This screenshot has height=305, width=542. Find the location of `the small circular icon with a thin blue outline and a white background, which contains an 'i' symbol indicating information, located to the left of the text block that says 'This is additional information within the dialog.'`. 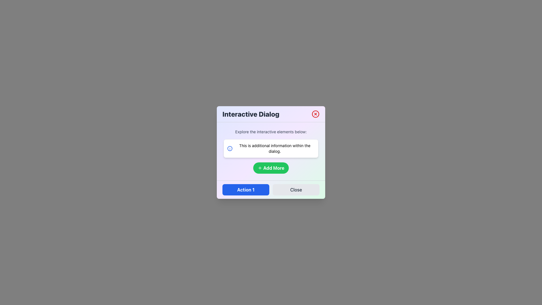

the small circular icon with a thin blue outline and a white background, which contains an 'i' symbol indicating information, located to the left of the text block that says 'This is additional information within the dialog.' is located at coordinates (230, 148).